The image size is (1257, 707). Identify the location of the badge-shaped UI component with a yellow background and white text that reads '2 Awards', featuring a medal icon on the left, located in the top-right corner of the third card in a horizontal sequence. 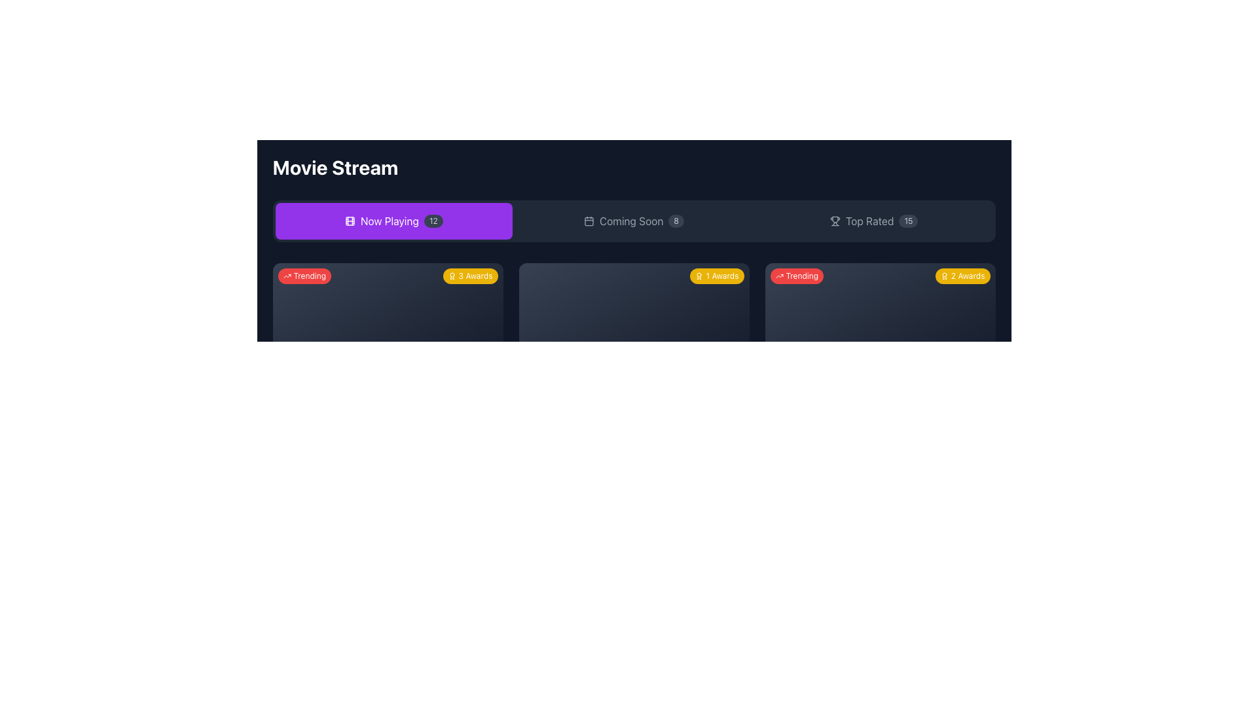
(962, 275).